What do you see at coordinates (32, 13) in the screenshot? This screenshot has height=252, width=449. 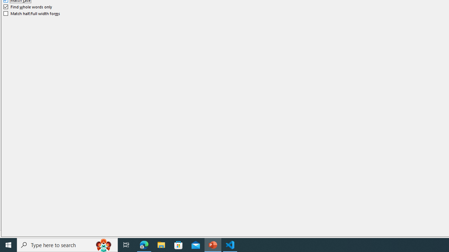 I see `'Match half/full width forms'` at bounding box center [32, 13].